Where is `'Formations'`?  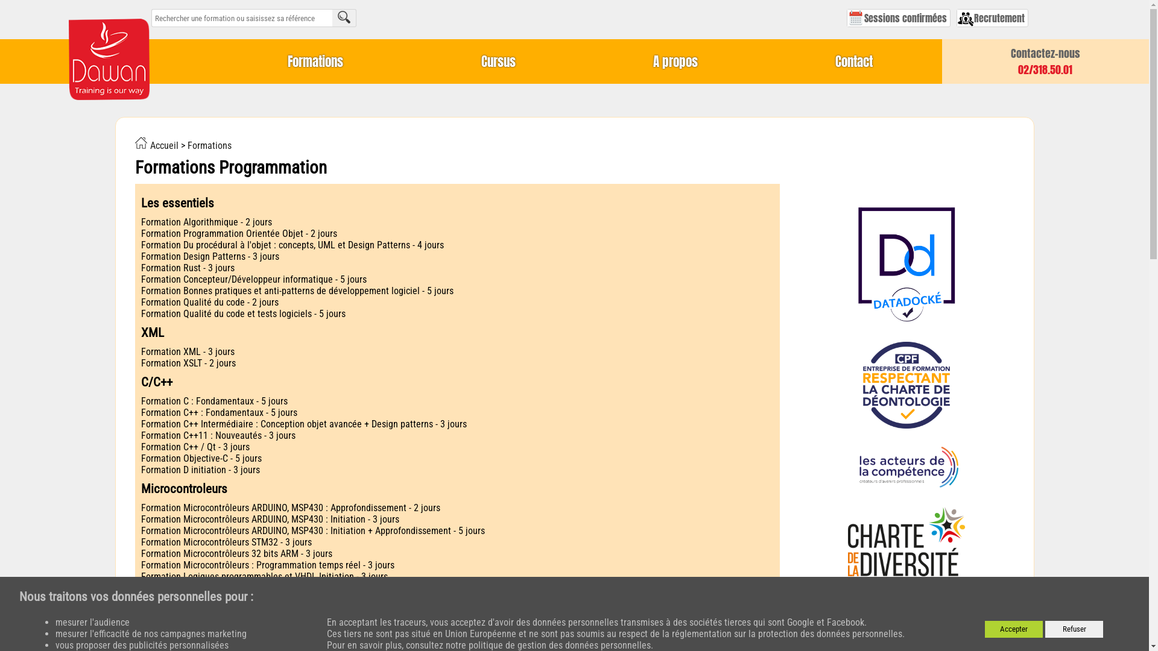 'Formations' is located at coordinates (315, 61).